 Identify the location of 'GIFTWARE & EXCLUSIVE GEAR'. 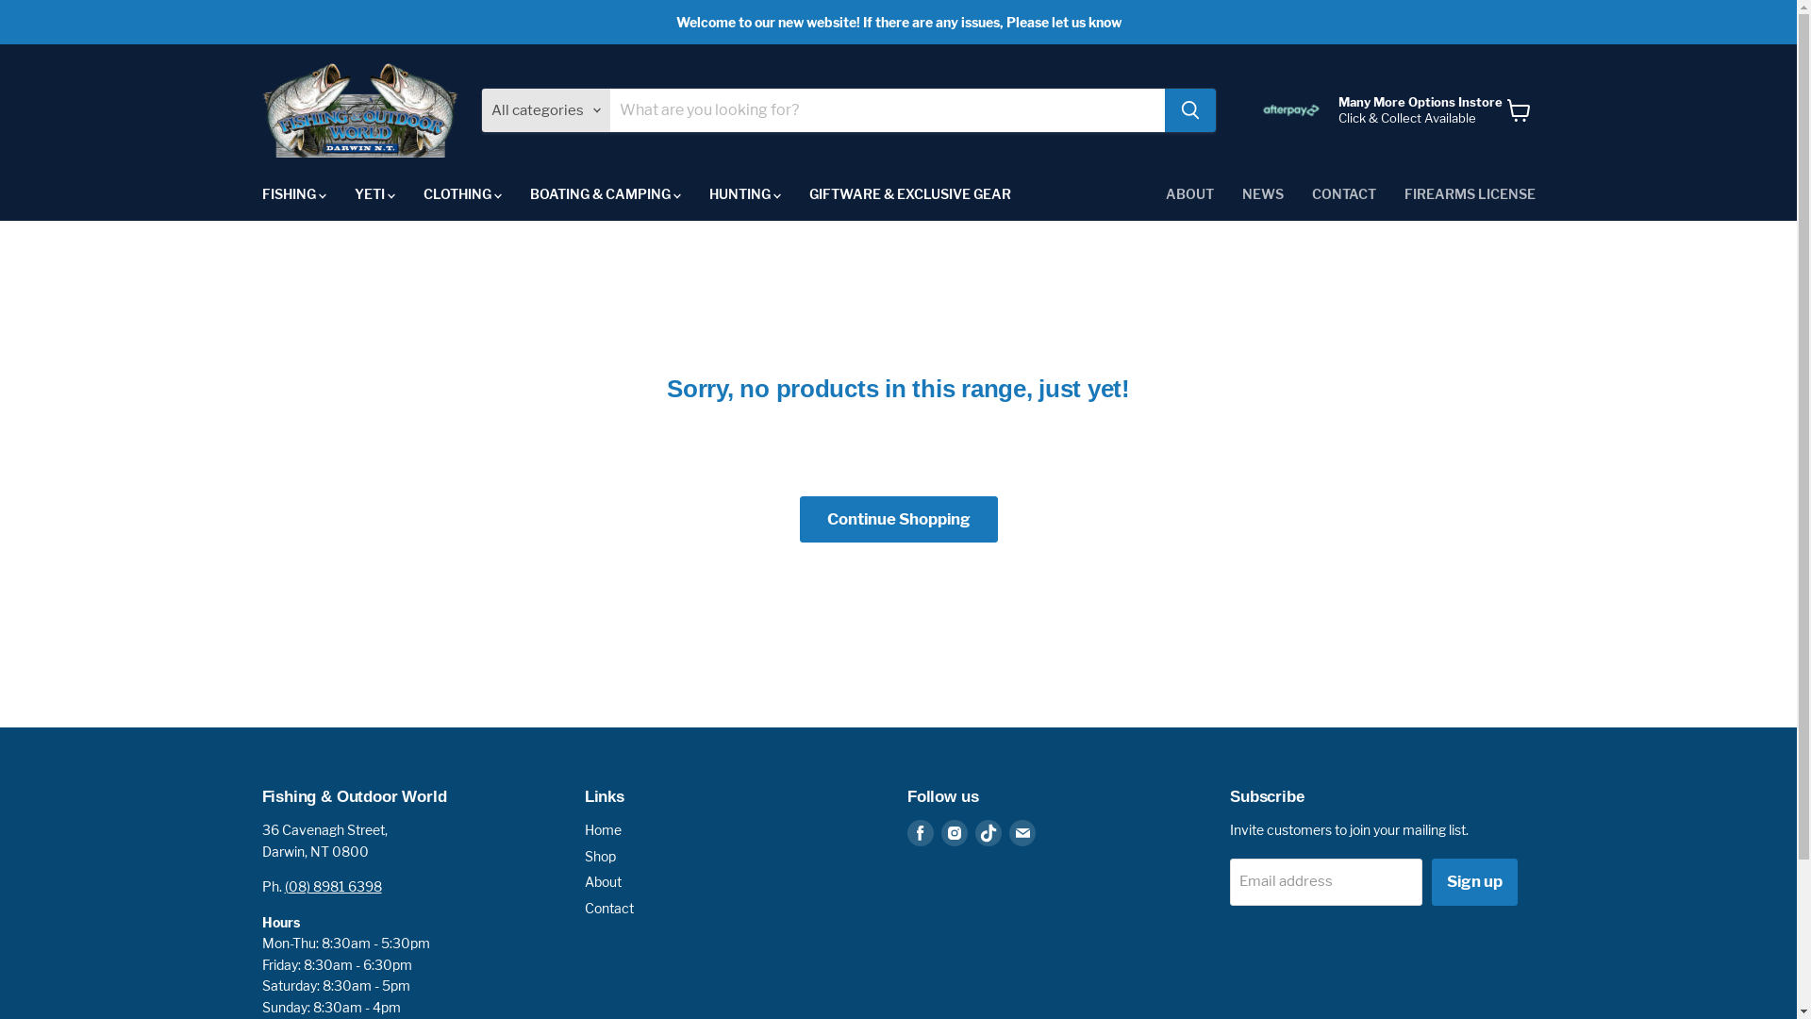
(793, 193).